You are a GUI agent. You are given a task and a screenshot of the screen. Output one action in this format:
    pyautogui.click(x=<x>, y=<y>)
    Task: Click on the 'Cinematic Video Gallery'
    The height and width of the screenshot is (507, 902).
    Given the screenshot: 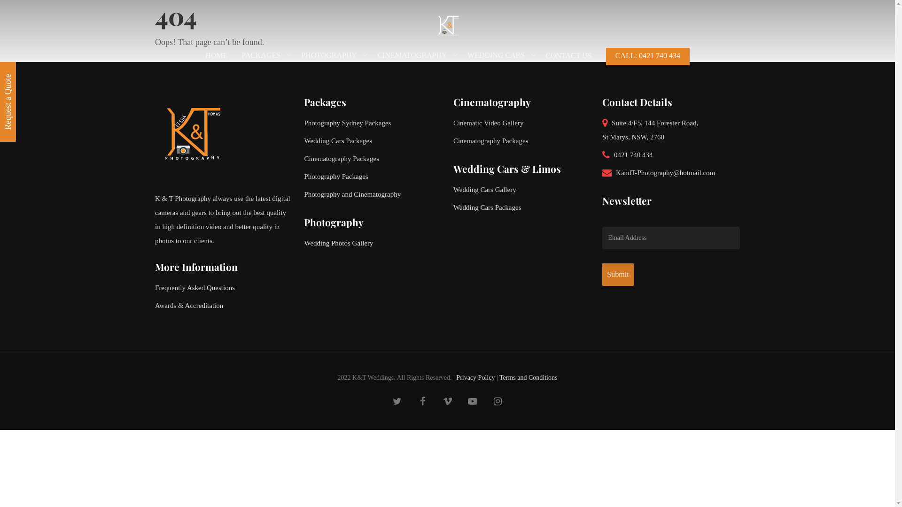 What is the action you would take?
    pyautogui.click(x=453, y=123)
    